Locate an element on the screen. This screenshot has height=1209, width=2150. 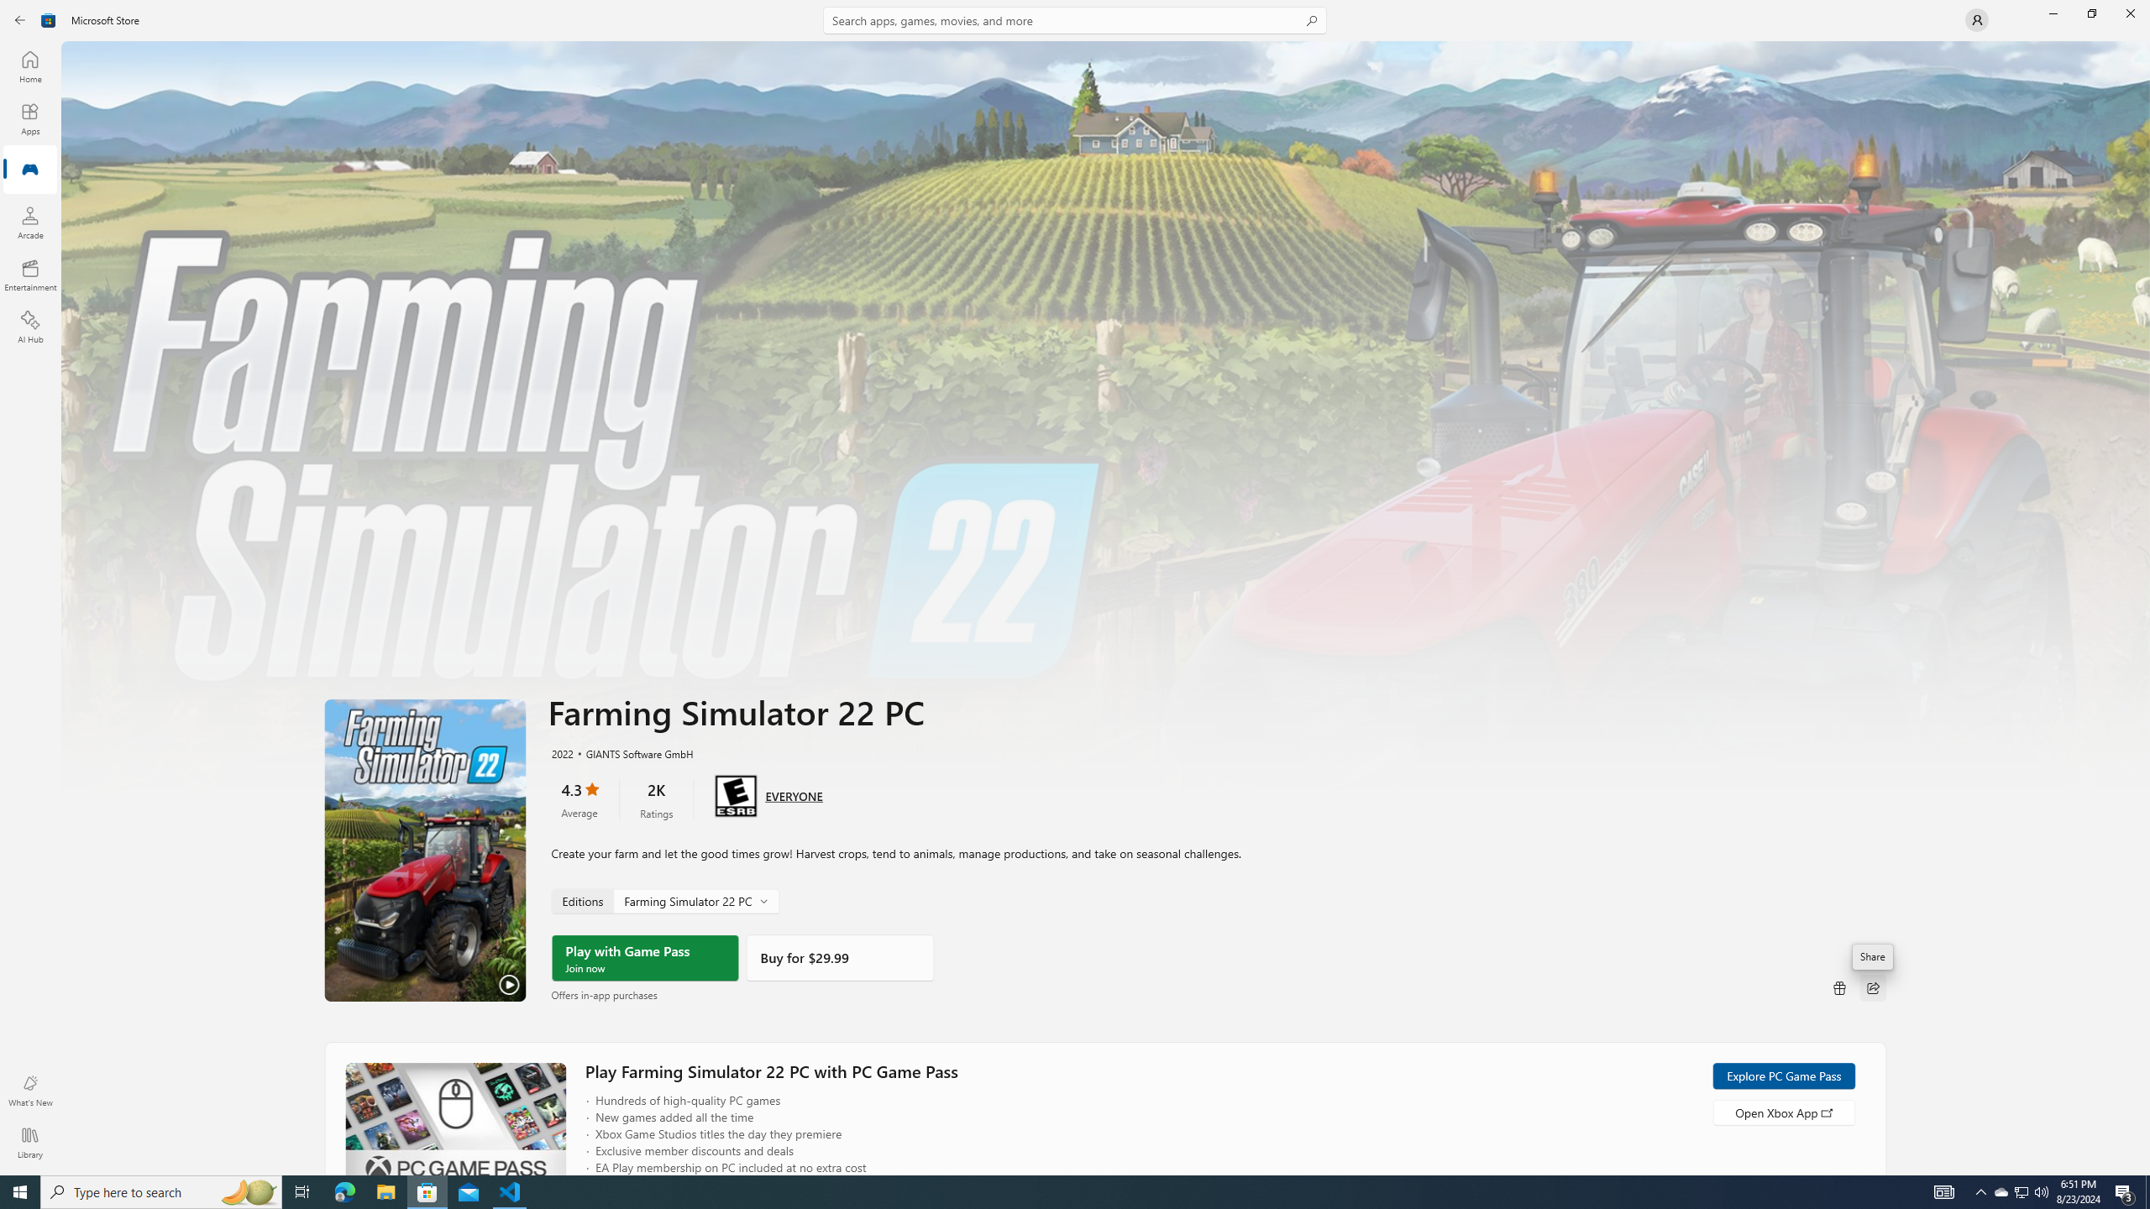
'4.3 stars. Click to skip to ratings and reviews' is located at coordinates (578, 798).